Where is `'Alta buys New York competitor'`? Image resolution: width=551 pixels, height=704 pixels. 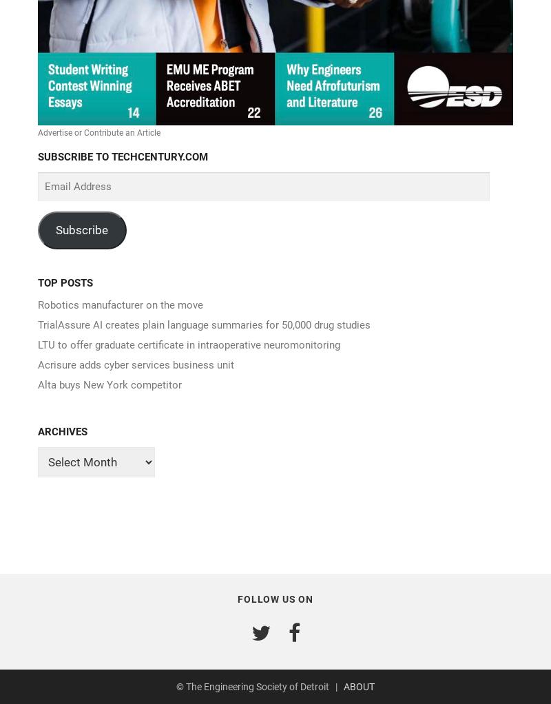
'Alta buys New York competitor' is located at coordinates (110, 384).